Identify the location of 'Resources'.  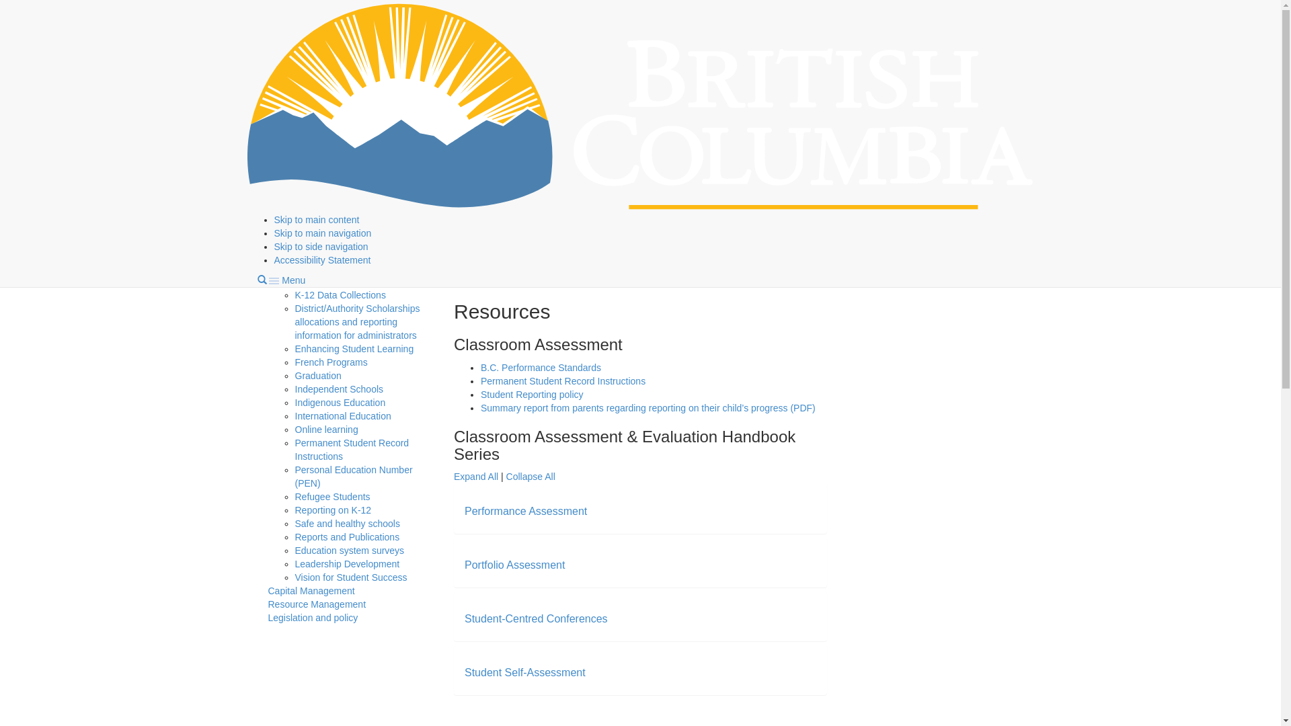
(348, 134).